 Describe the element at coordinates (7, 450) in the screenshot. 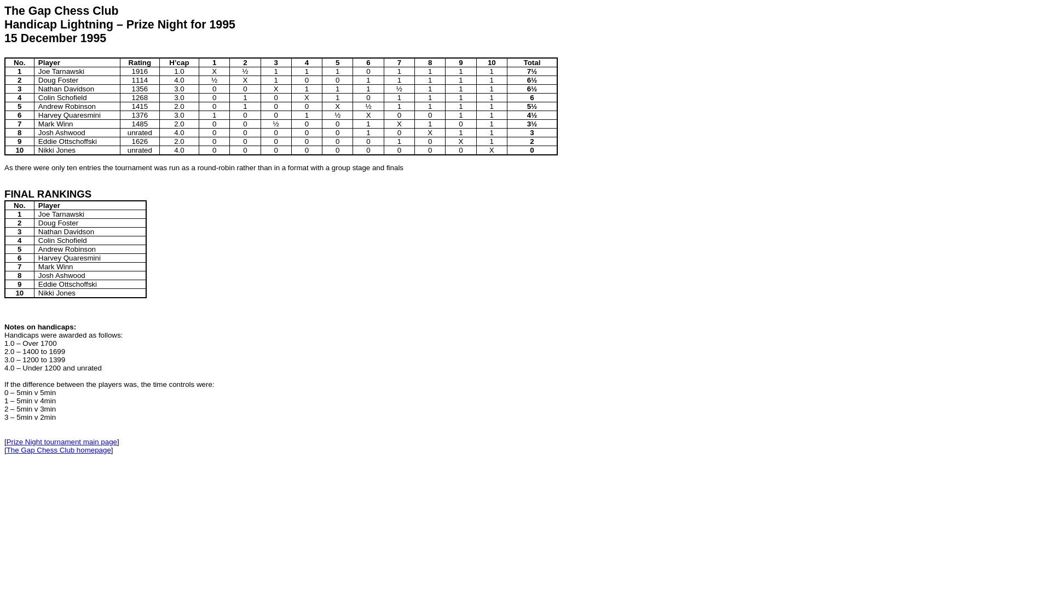

I see `'The Gap Chess Club homepage'` at that location.